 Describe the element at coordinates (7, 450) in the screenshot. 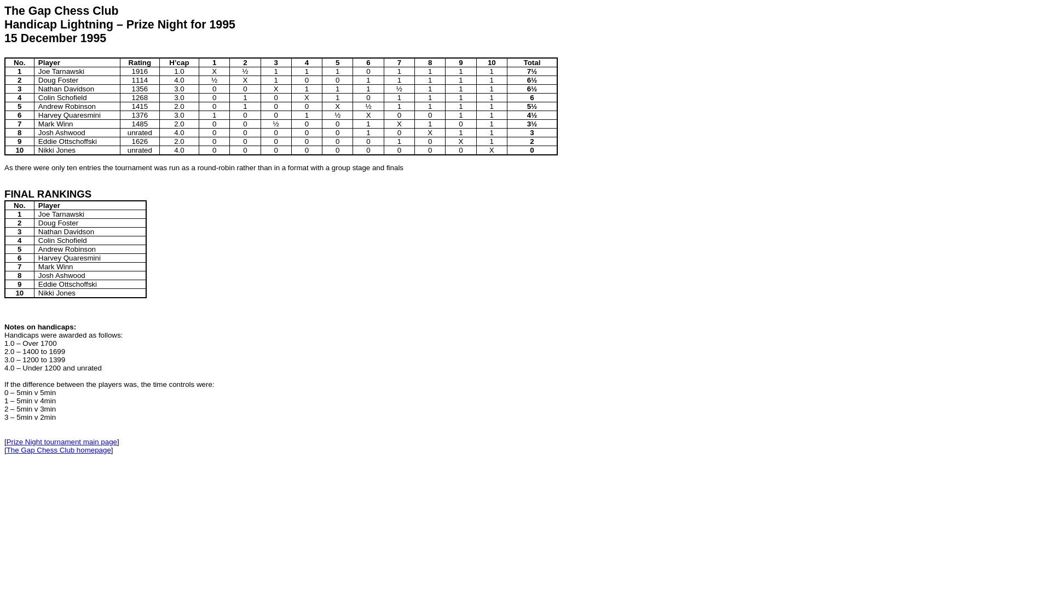

I see `'The Gap Chess Club homepage'` at that location.